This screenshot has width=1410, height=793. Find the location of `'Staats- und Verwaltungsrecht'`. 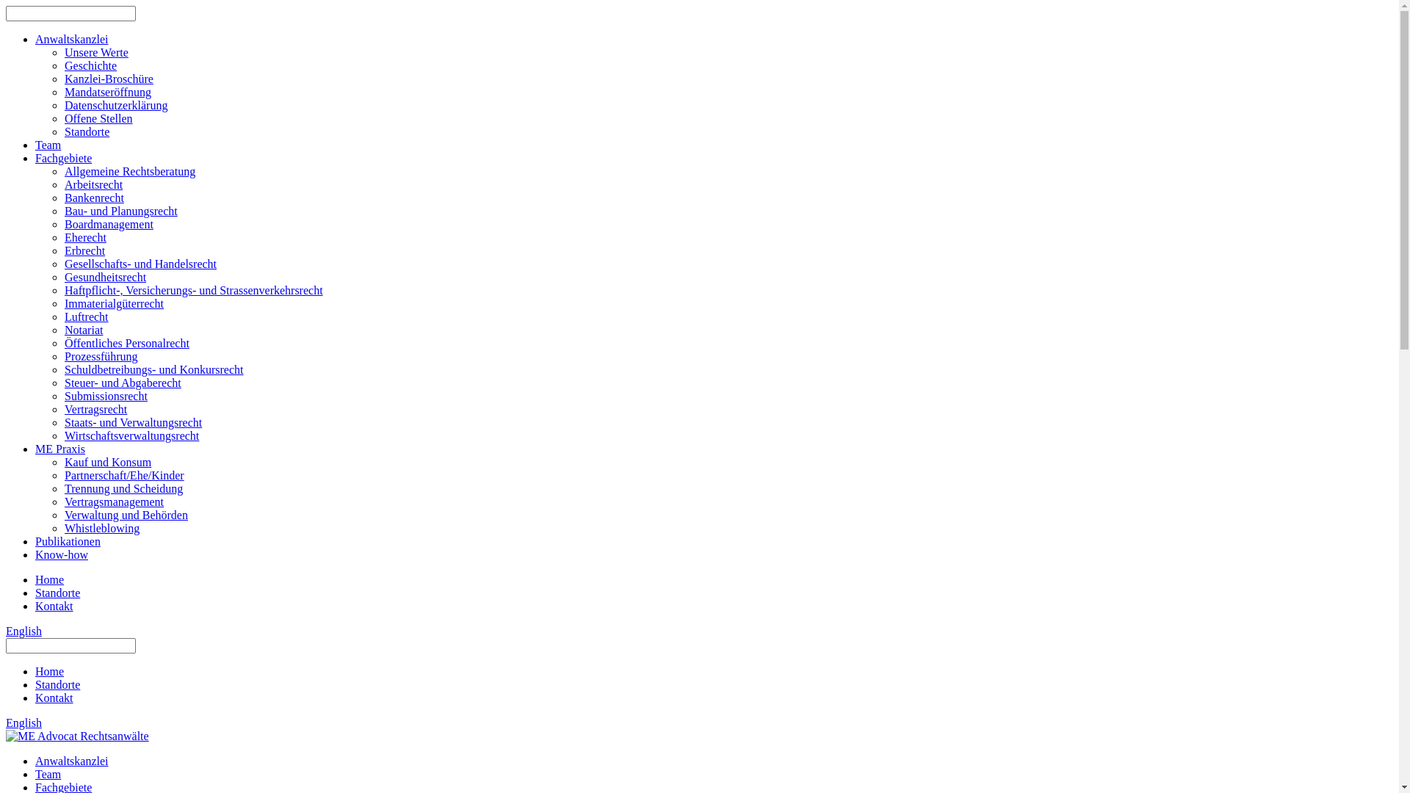

'Staats- und Verwaltungsrecht' is located at coordinates (133, 422).